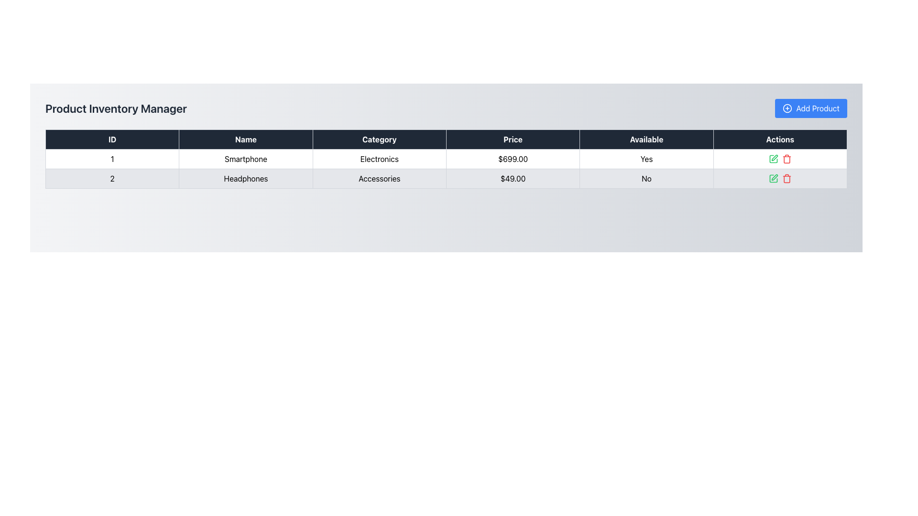 This screenshot has width=918, height=516. Describe the element at coordinates (112, 158) in the screenshot. I see `to select or highlight the first row of the table, which contains the cell displaying the number '1' in the first column under the 'ID' header` at that location.